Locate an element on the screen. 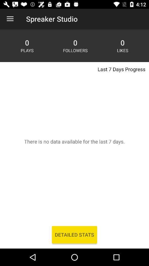 Image resolution: width=149 pixels, height=266 pixels. app to the left of the spreaker studio app is located at coordinates (10, 19).